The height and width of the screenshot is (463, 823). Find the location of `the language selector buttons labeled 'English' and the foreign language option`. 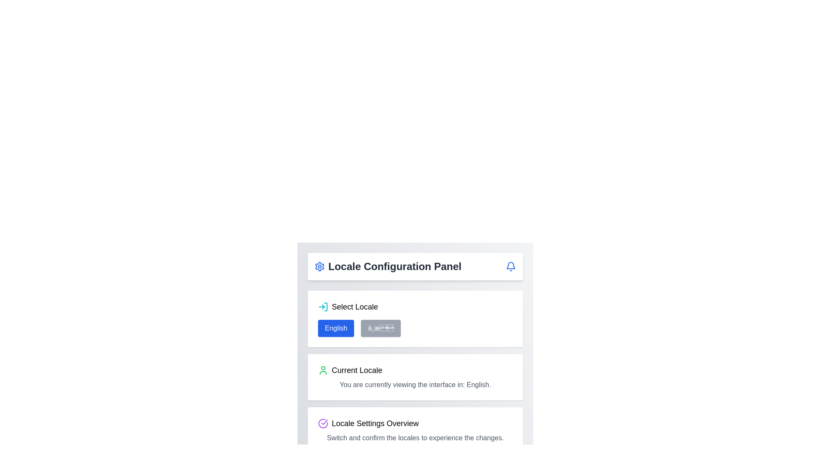

the language selector buttons labeled 'English' and the foreign language option is located at coordinates (415, 328).